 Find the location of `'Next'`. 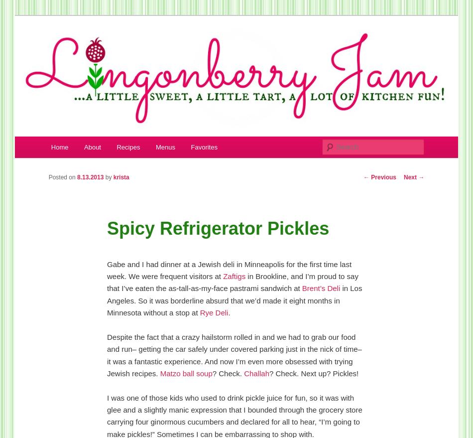

'Next' is located at coordinates (410, 176).